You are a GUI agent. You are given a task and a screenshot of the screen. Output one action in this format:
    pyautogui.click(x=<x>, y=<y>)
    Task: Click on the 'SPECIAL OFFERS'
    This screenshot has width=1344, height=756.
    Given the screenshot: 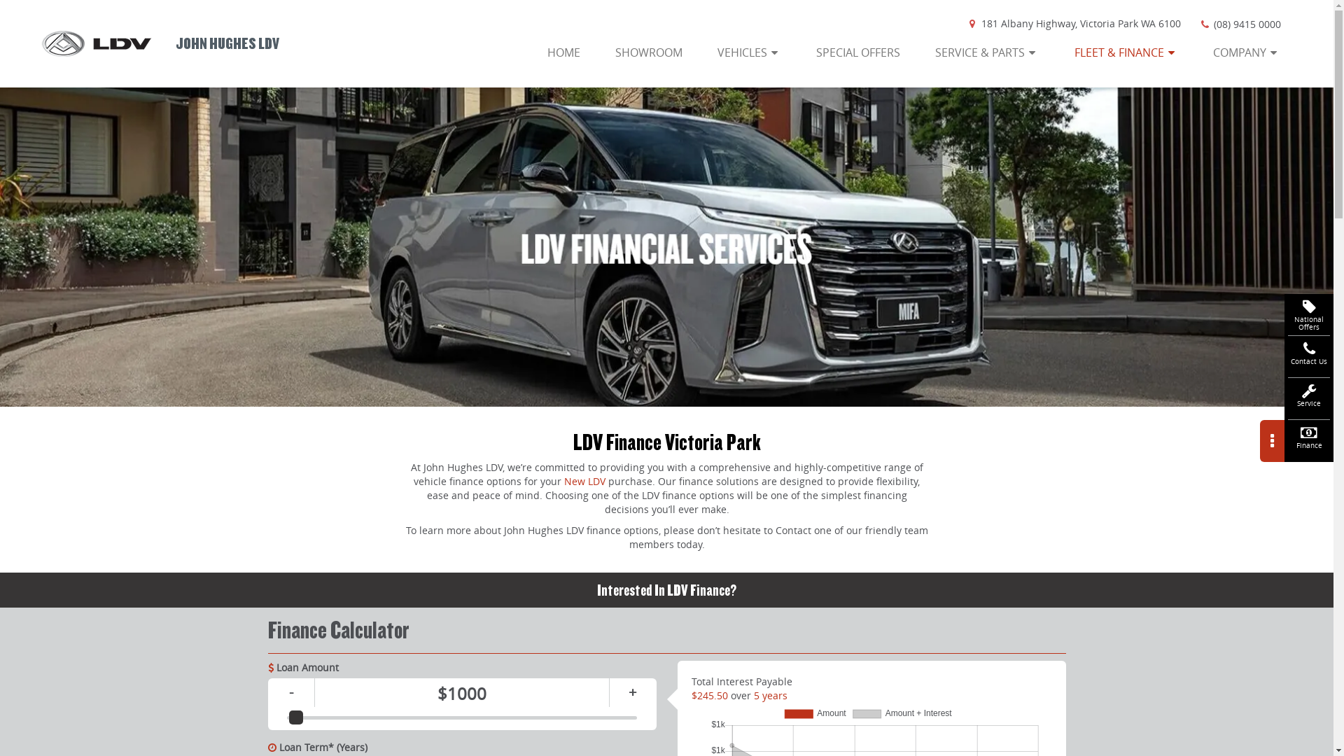 What is the action you would take?
    pyautogui.click(x=799, y=51)
    